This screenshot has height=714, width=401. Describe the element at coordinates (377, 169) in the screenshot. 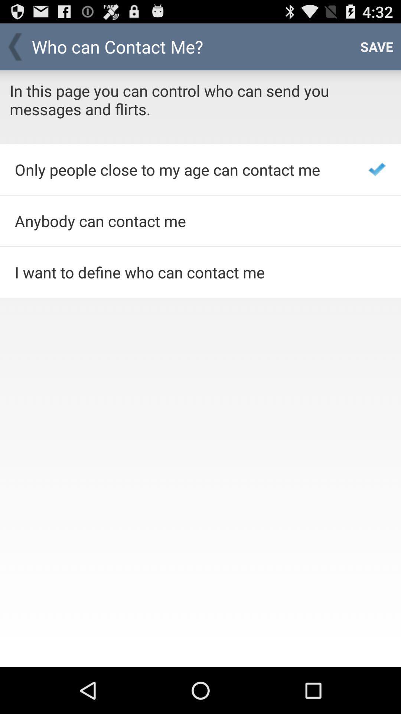

I see `the app below in this page item` at that location.